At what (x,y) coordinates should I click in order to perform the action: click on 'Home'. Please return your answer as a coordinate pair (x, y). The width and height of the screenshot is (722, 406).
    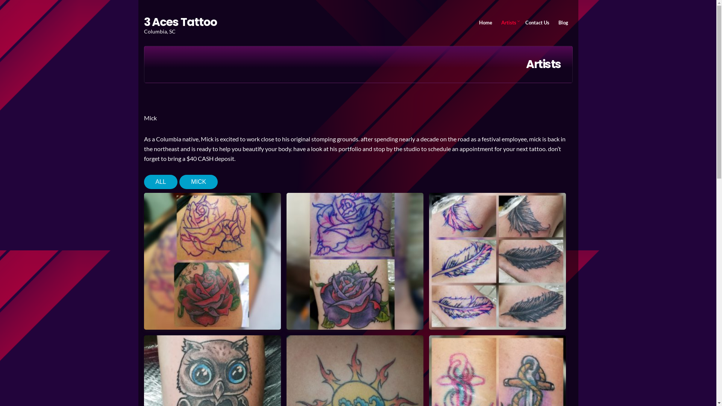
    Looking at the image, I should click on (485, 22).